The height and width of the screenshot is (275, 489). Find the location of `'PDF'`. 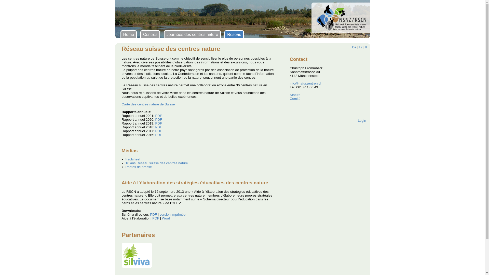

'PDF' is located at coordinates (153, 214).